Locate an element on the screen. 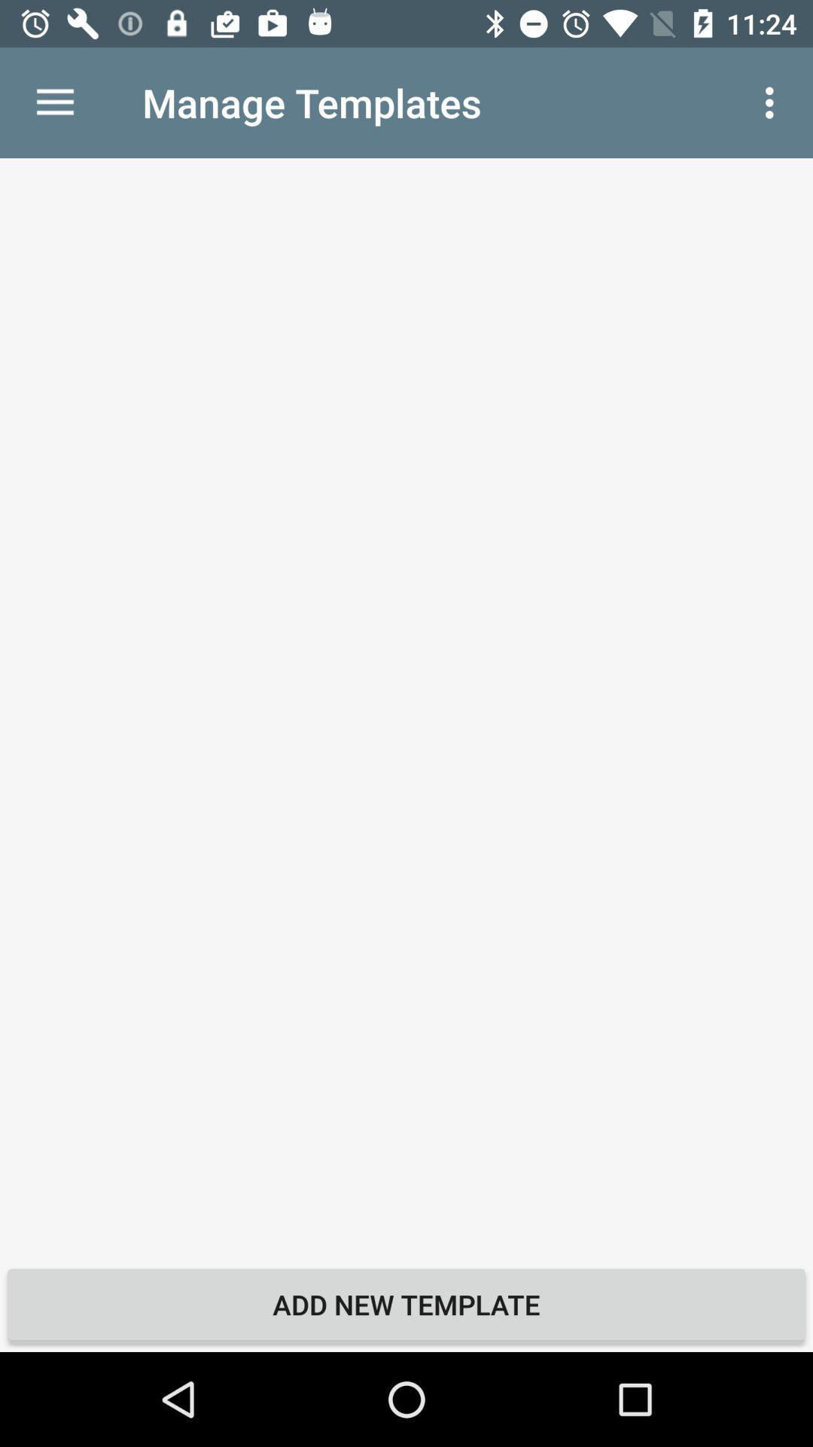 Image resolution: width=813 pixels, height=1447 pixels. icon above add new template is located at coordinates (406, 707).